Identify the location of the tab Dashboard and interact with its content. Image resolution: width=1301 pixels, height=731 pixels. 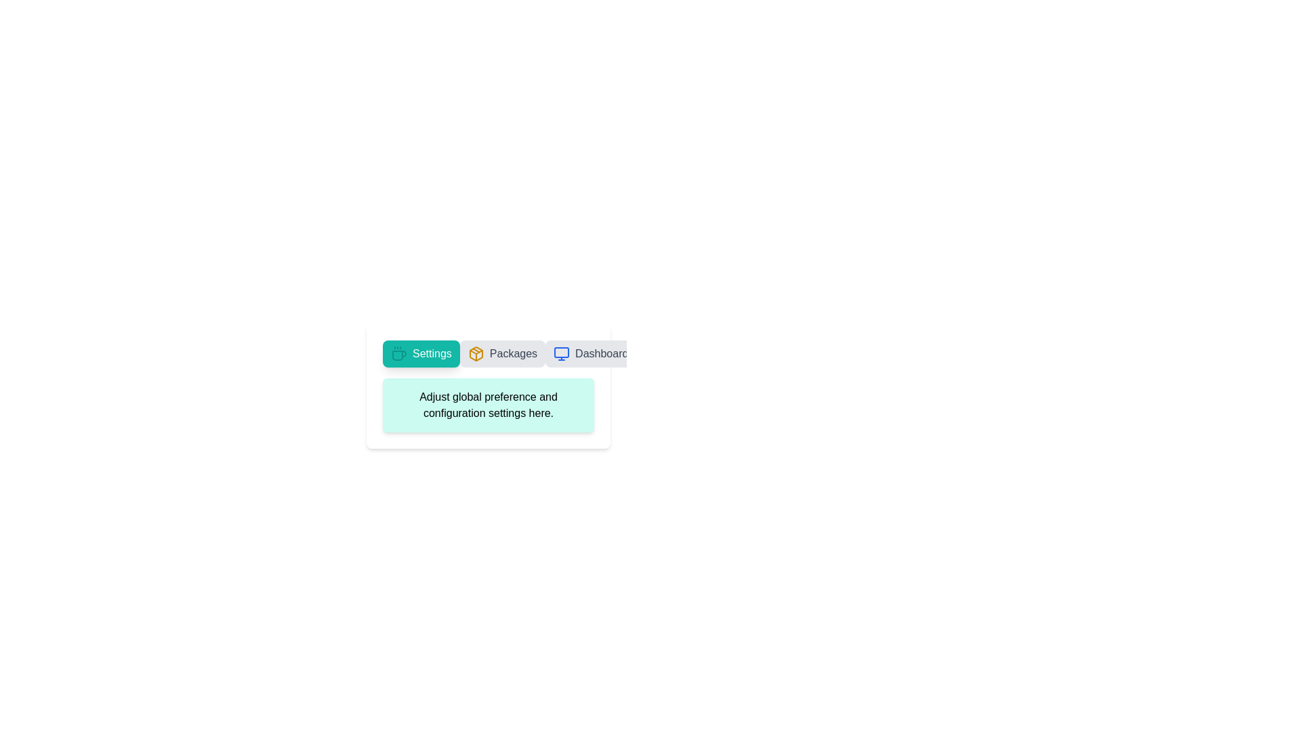
(591, 353).